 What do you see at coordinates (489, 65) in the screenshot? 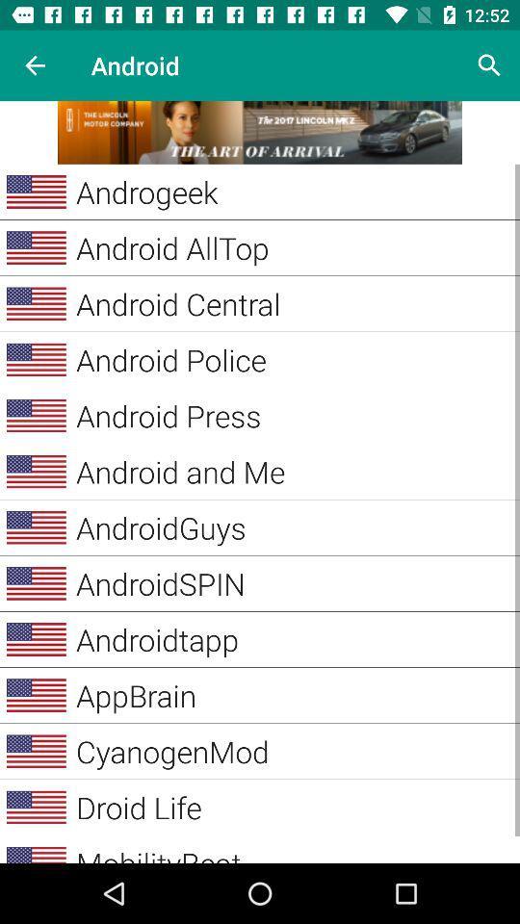
I see `start to search` at bounding box center [489, 65].